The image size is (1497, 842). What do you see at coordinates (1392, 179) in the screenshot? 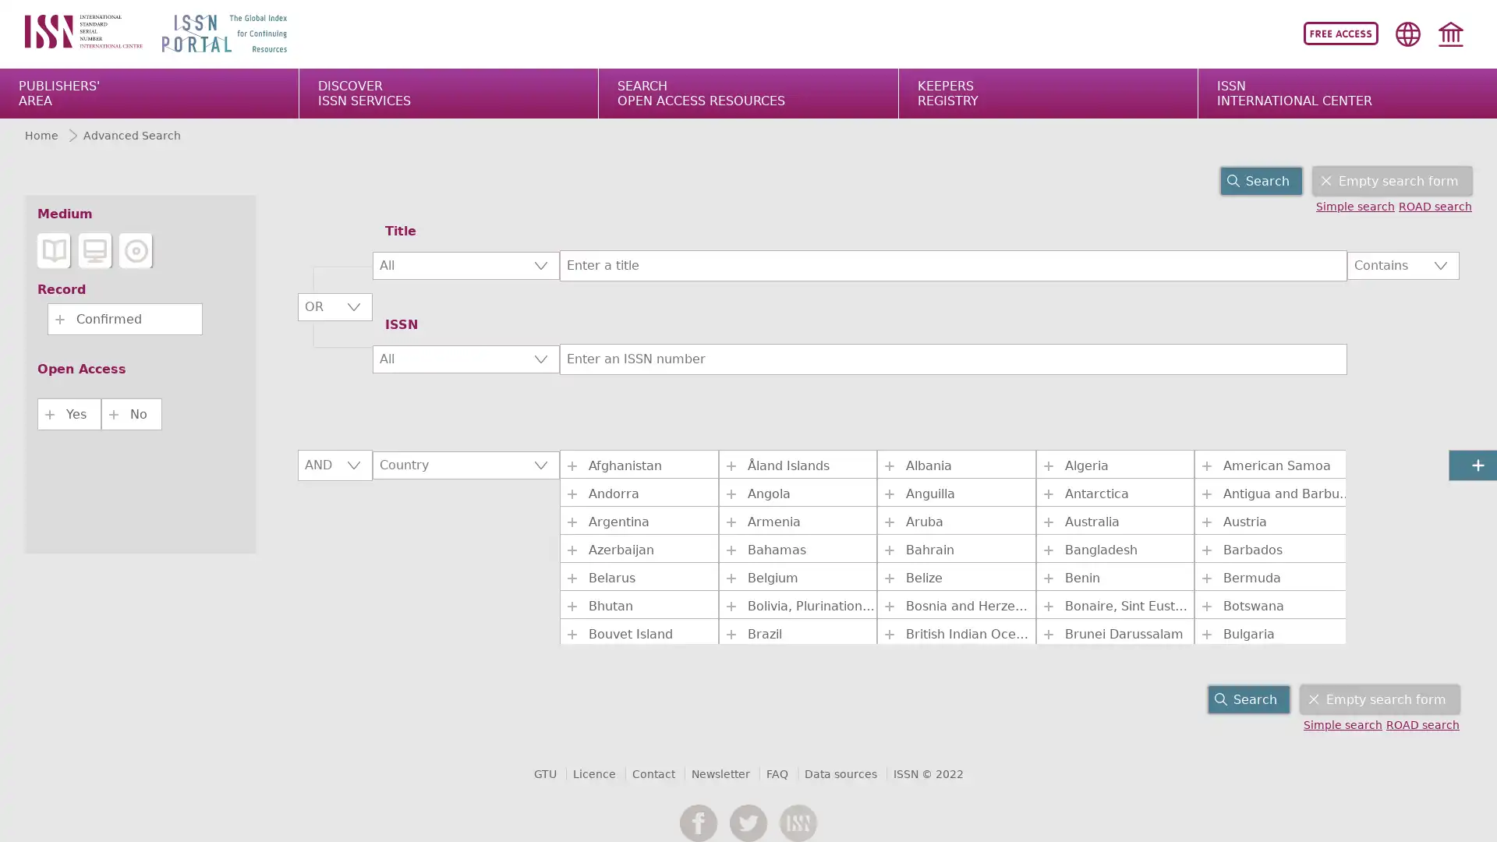
I see `Empty search form` at bounding box center [1392, 179].